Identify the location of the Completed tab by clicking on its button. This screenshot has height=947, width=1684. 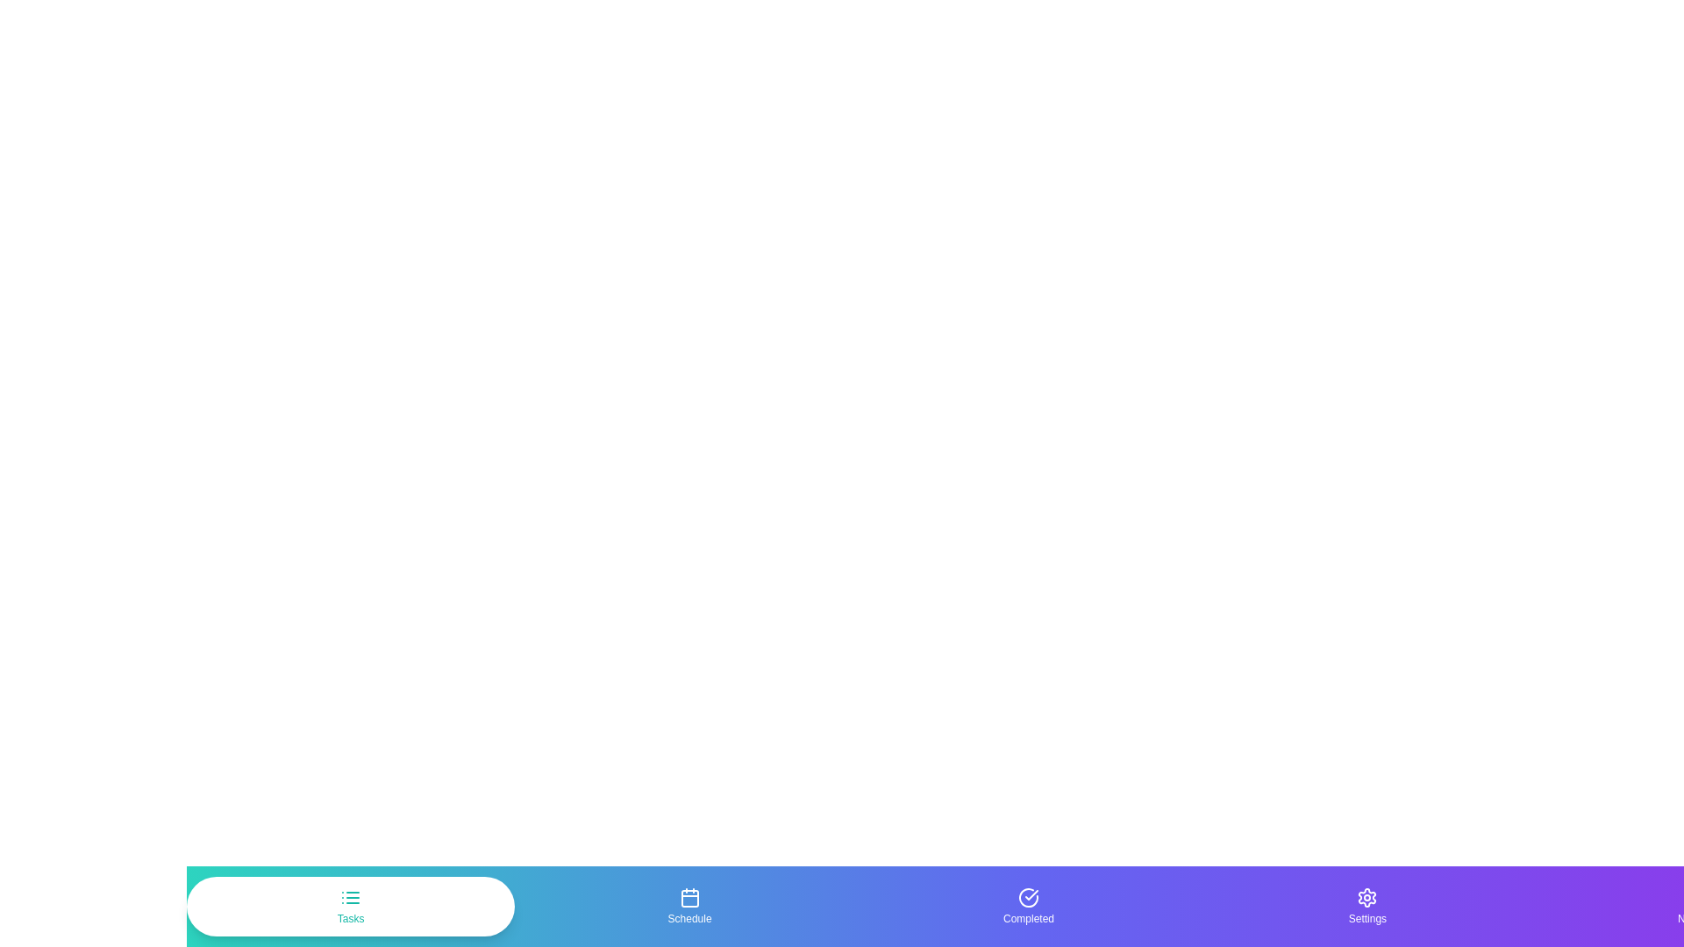
(1028, 906).